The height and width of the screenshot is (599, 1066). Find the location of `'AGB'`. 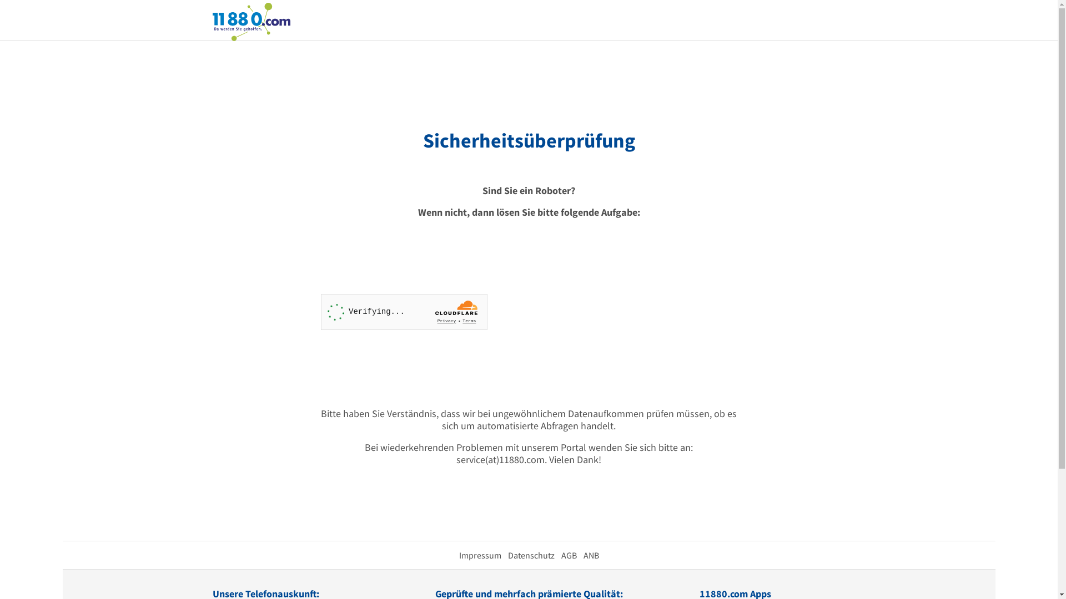

'AGB' is located at coordinates (568, 555).